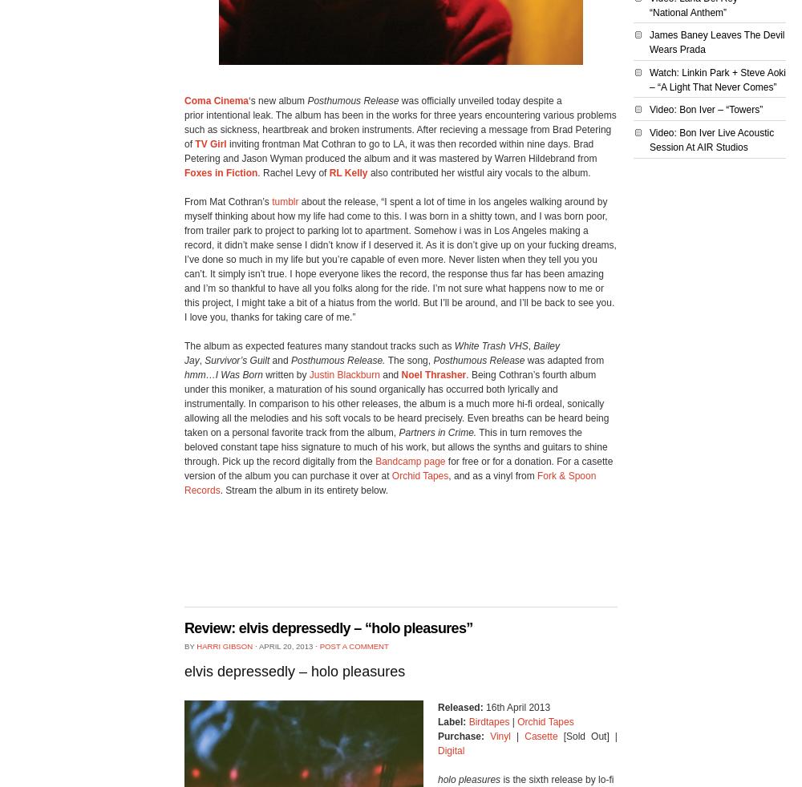  I want to click on 'Post a comment', so click(353, 645).